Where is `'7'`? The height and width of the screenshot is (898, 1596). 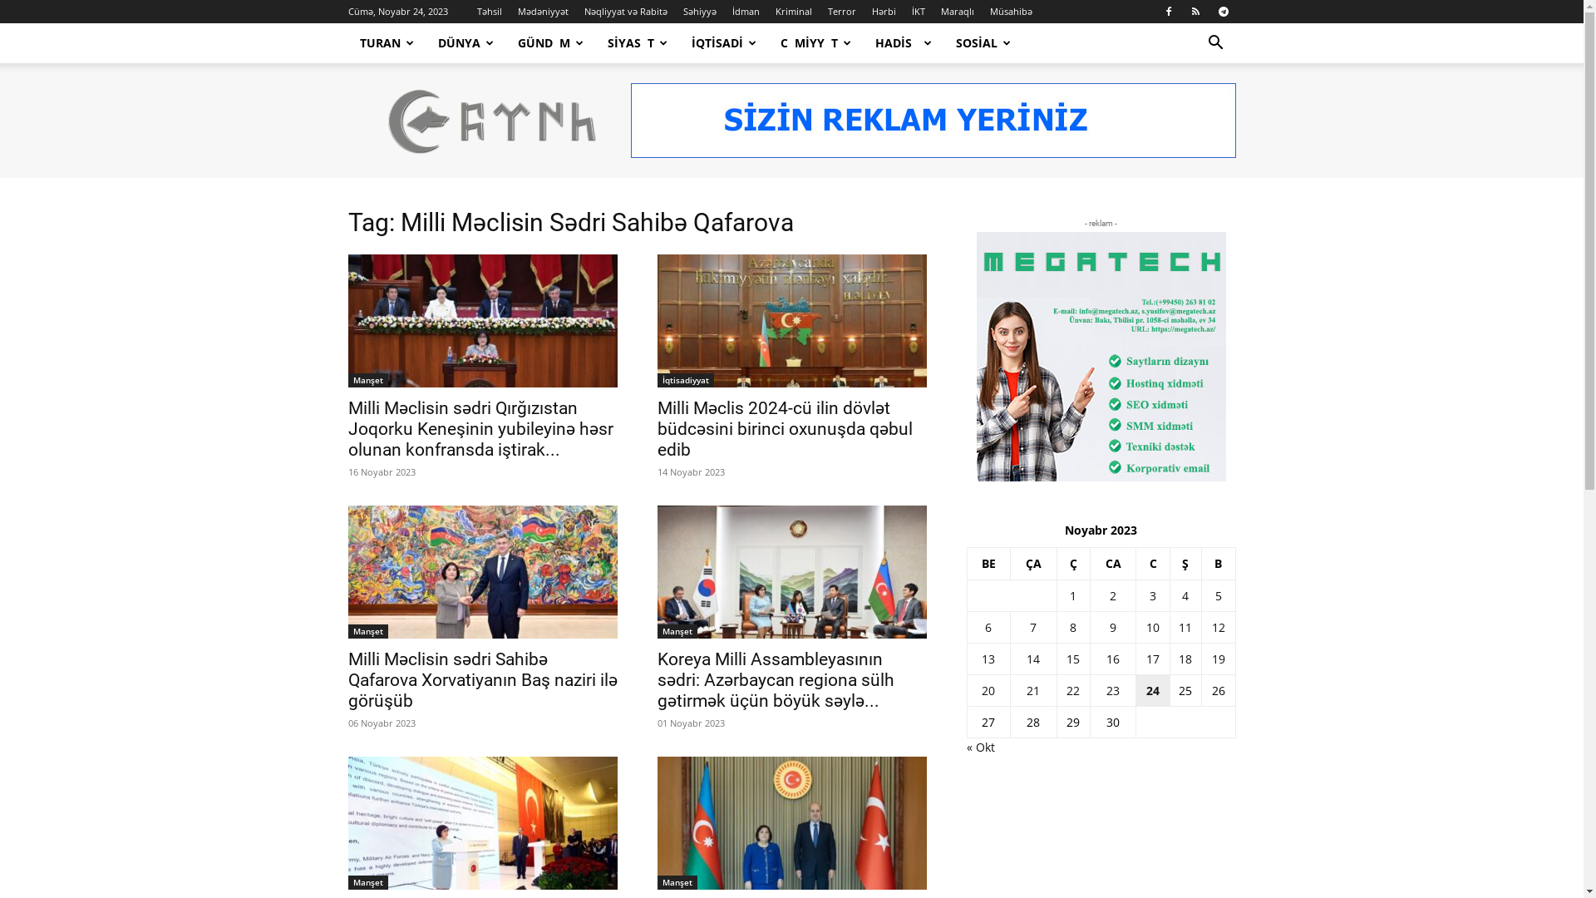 '7' is located at coordinates (1032, 627).